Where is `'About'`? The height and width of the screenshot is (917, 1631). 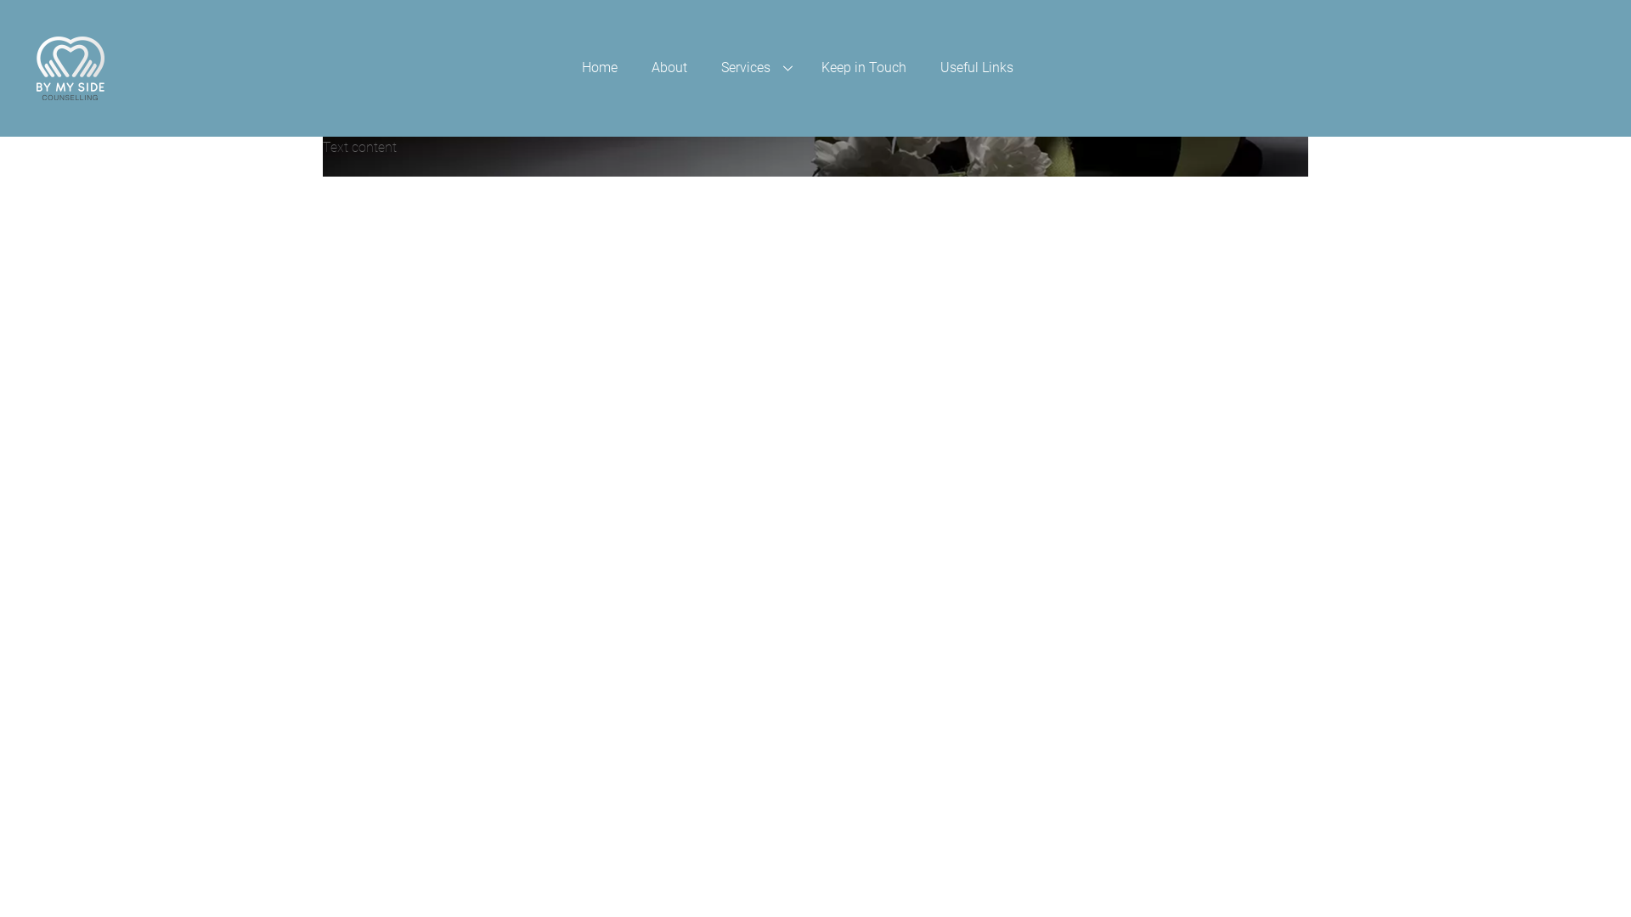 'About' is located at coordinates (668, 67).